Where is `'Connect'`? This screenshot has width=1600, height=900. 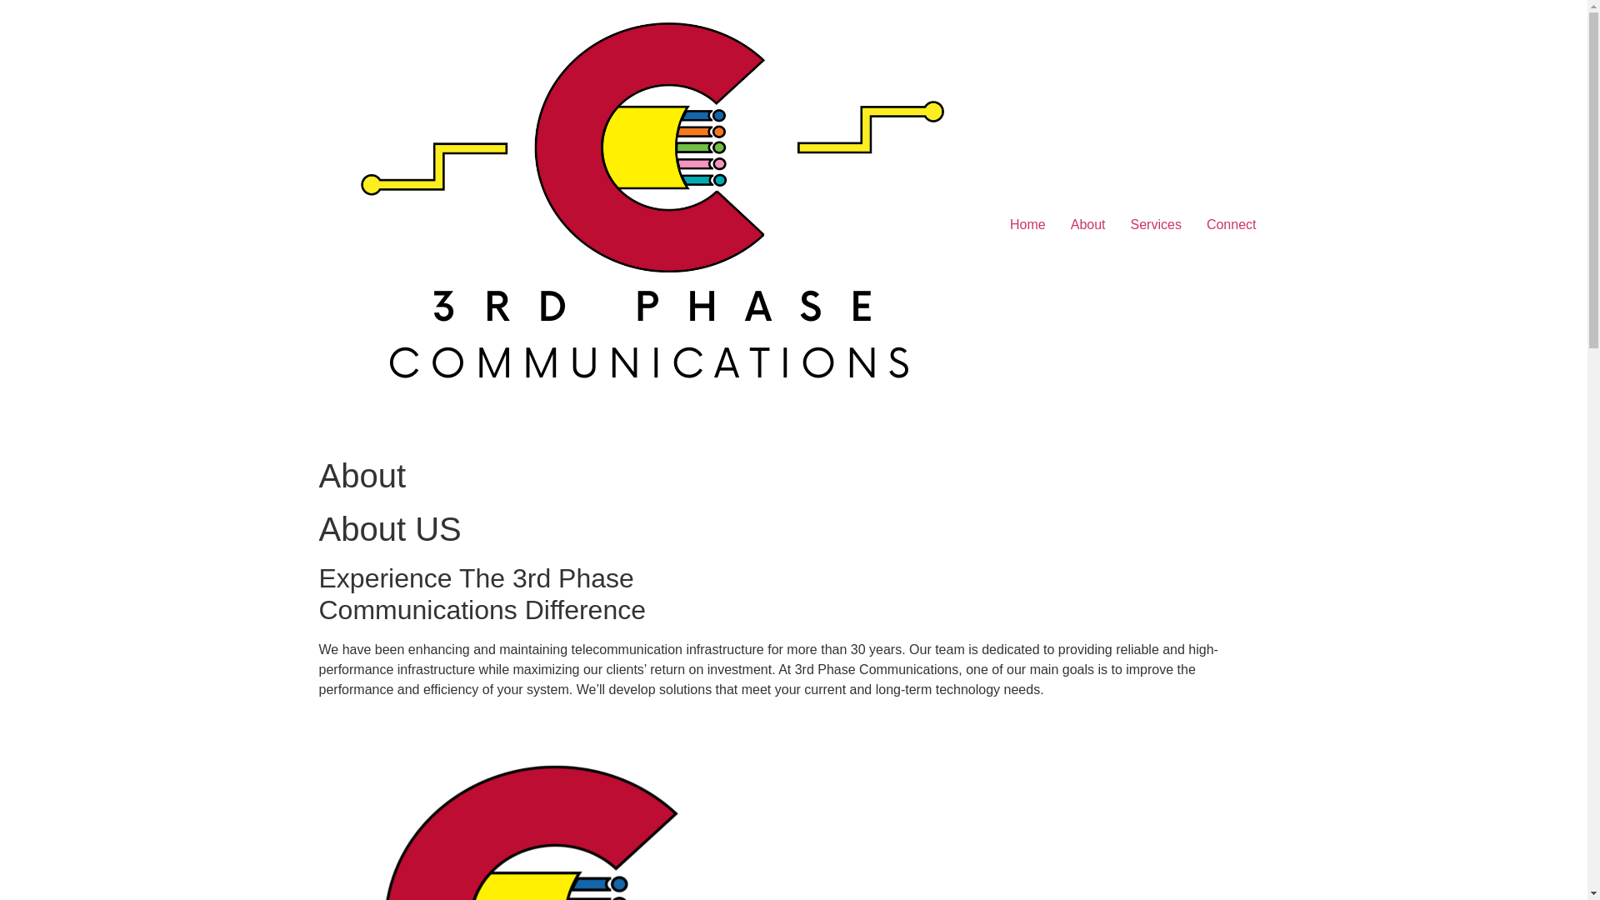
'Connect' is located at coordinates (1232, 225).